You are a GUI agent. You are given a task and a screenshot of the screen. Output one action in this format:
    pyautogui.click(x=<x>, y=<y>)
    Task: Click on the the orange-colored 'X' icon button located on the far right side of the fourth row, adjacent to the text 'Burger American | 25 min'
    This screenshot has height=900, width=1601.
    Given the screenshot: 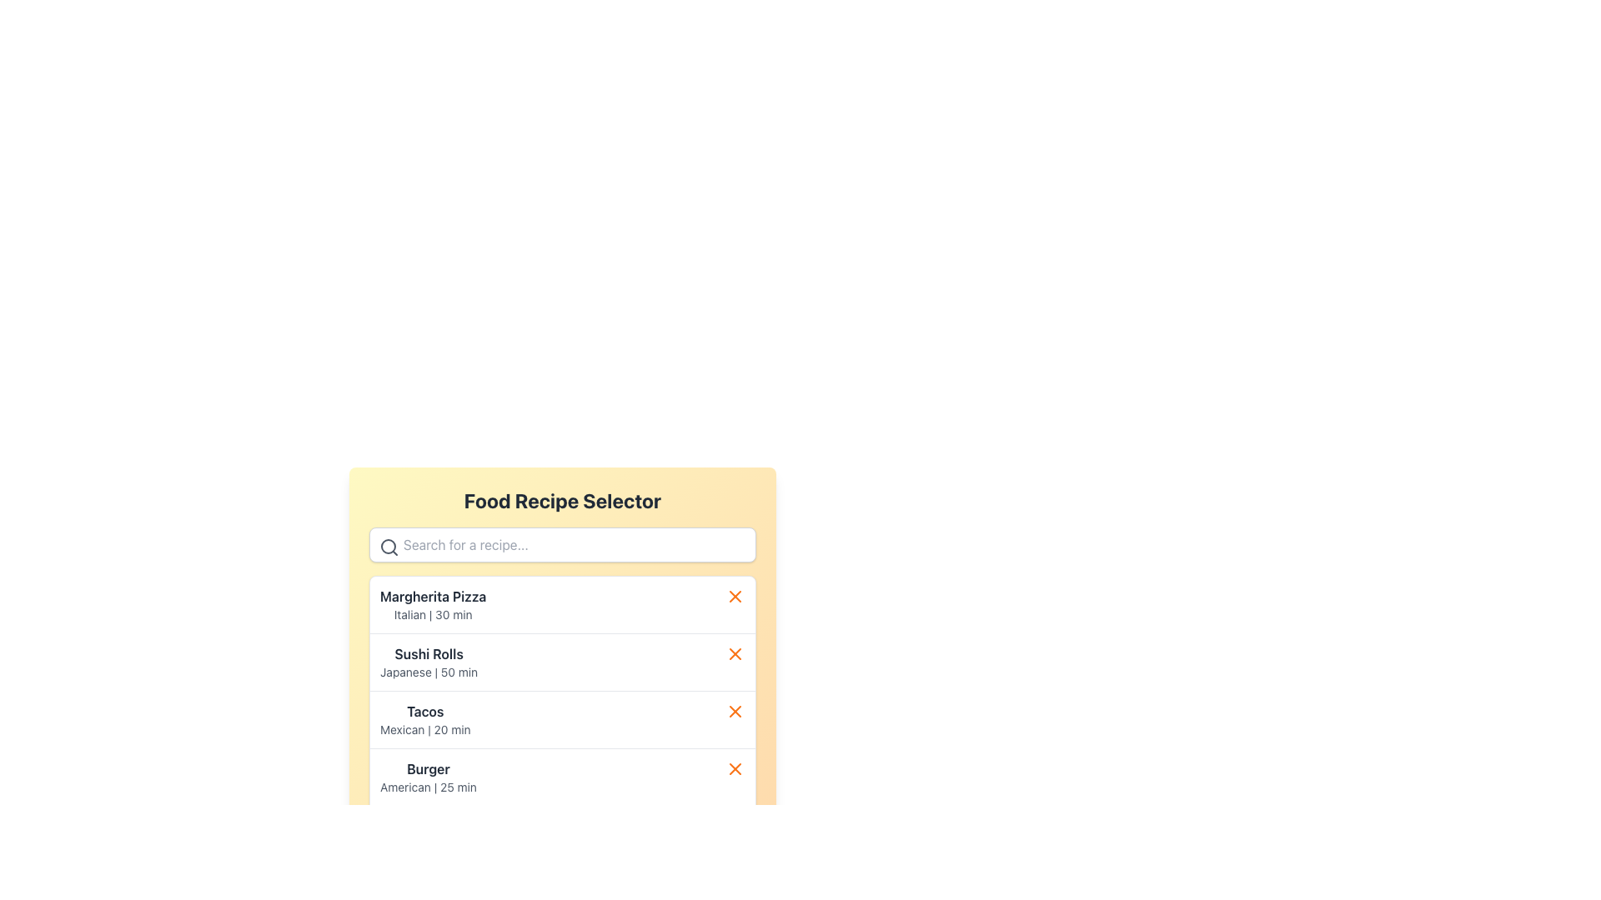 What is the action you would take?
    pyautogui.click(x=735, y=768)
    